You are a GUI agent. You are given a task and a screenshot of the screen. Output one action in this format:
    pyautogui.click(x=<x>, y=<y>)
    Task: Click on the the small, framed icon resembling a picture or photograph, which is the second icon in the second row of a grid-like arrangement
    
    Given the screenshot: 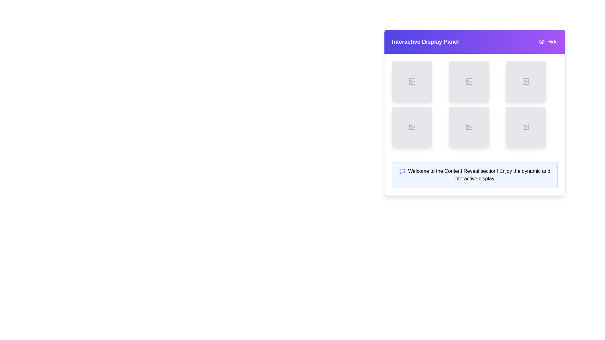 What is the action you would take?
    pyautogui.click(x=412, y=127)
    